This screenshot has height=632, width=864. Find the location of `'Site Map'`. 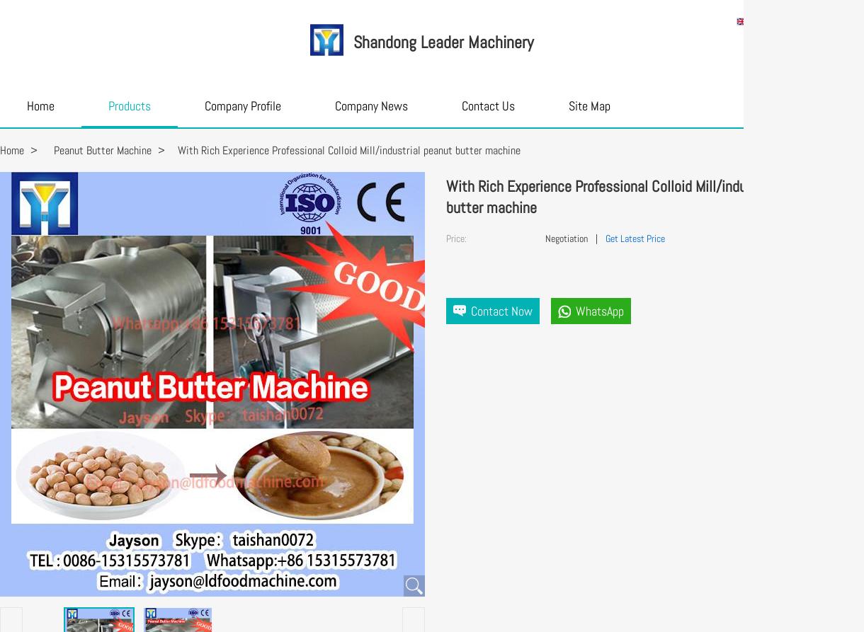

'Site Map' is located at coordinates (589, 105).